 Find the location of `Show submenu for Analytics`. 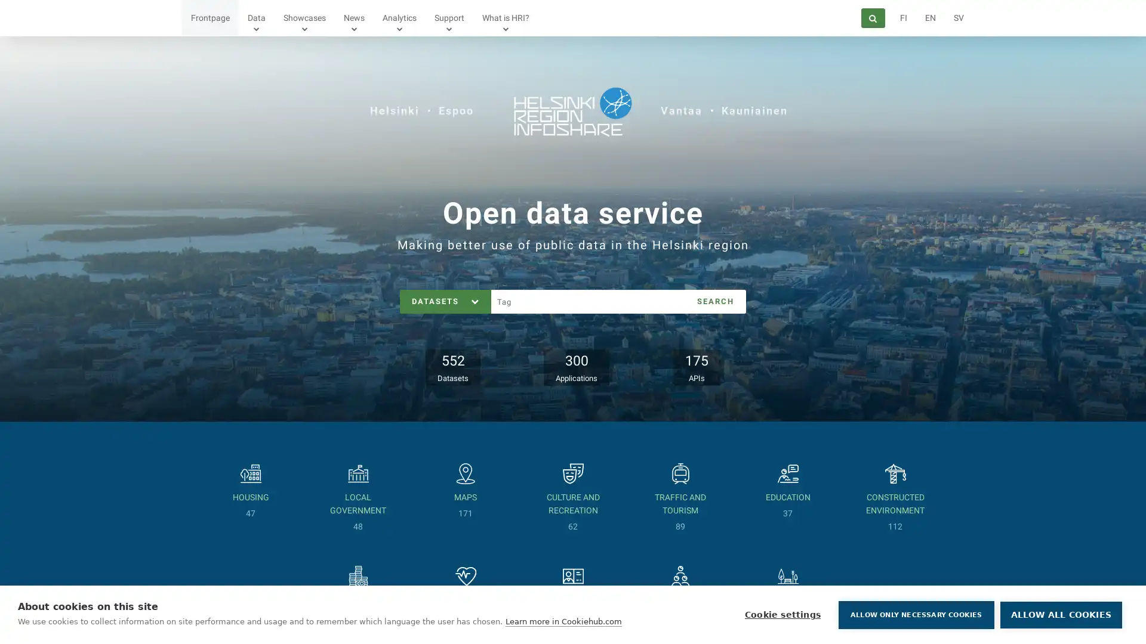

Show submenu for Analytics is located at coordinates (399, 23).